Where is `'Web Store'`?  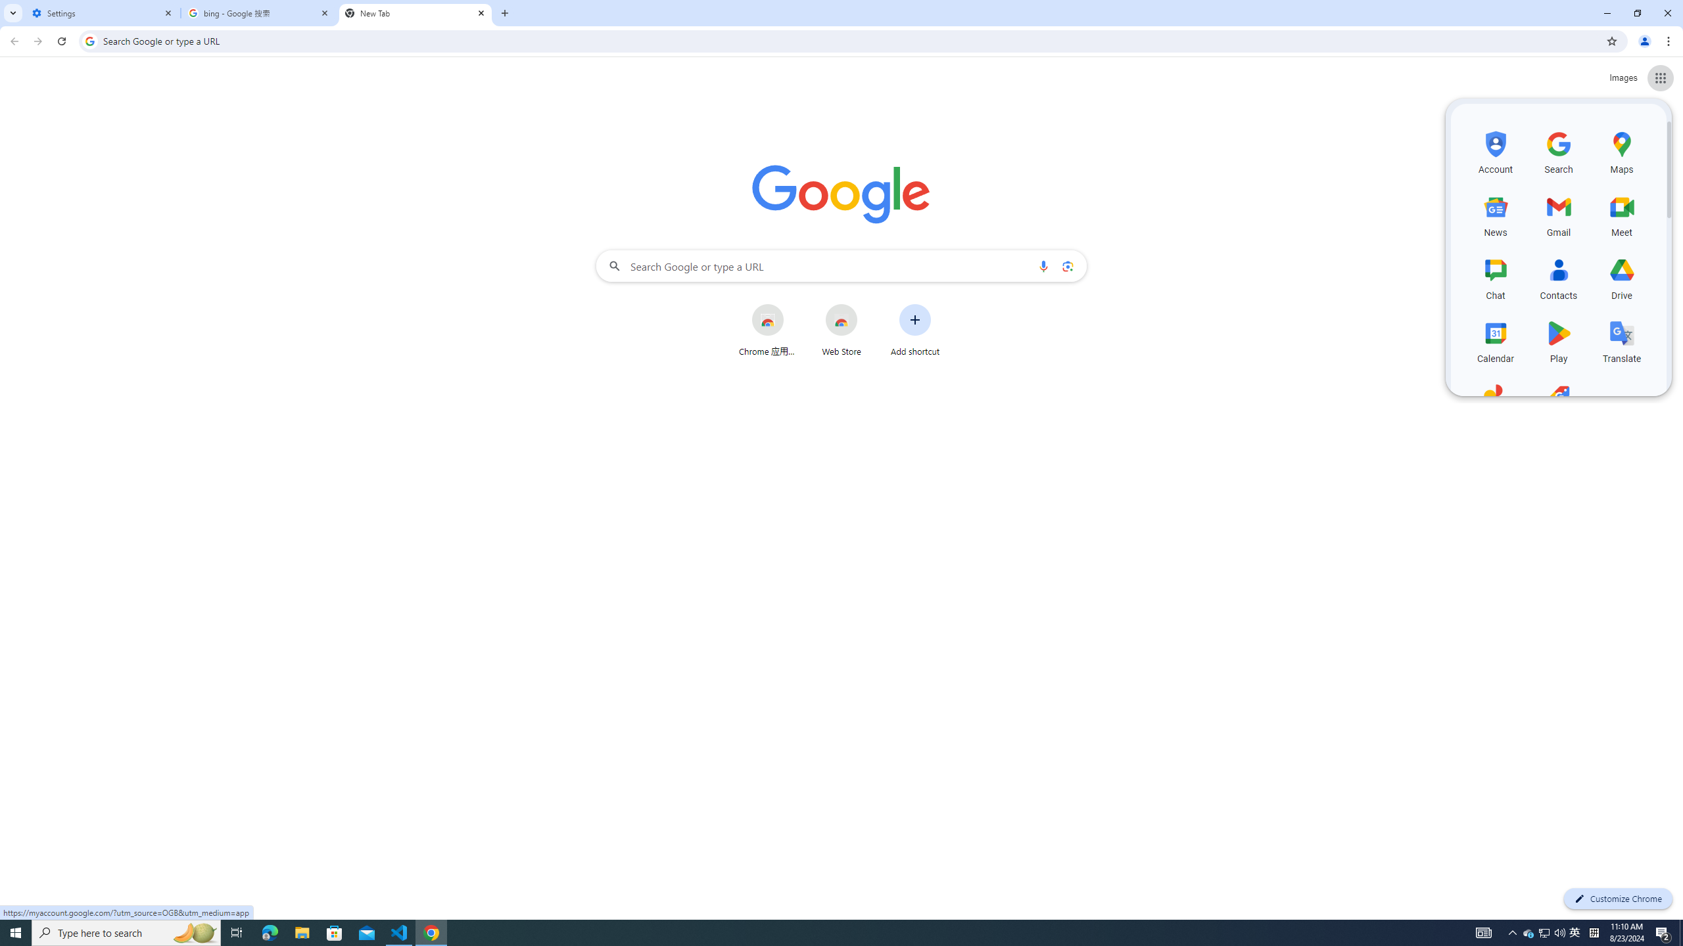 'Web Store' is located at coordinates (841, 329).